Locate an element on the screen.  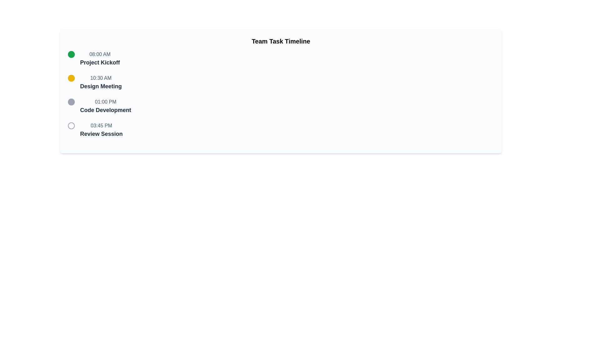
the small circular yellow icon located to the left of the '10:30 AM Design Meeting' label is located at coordinates (71, 78).